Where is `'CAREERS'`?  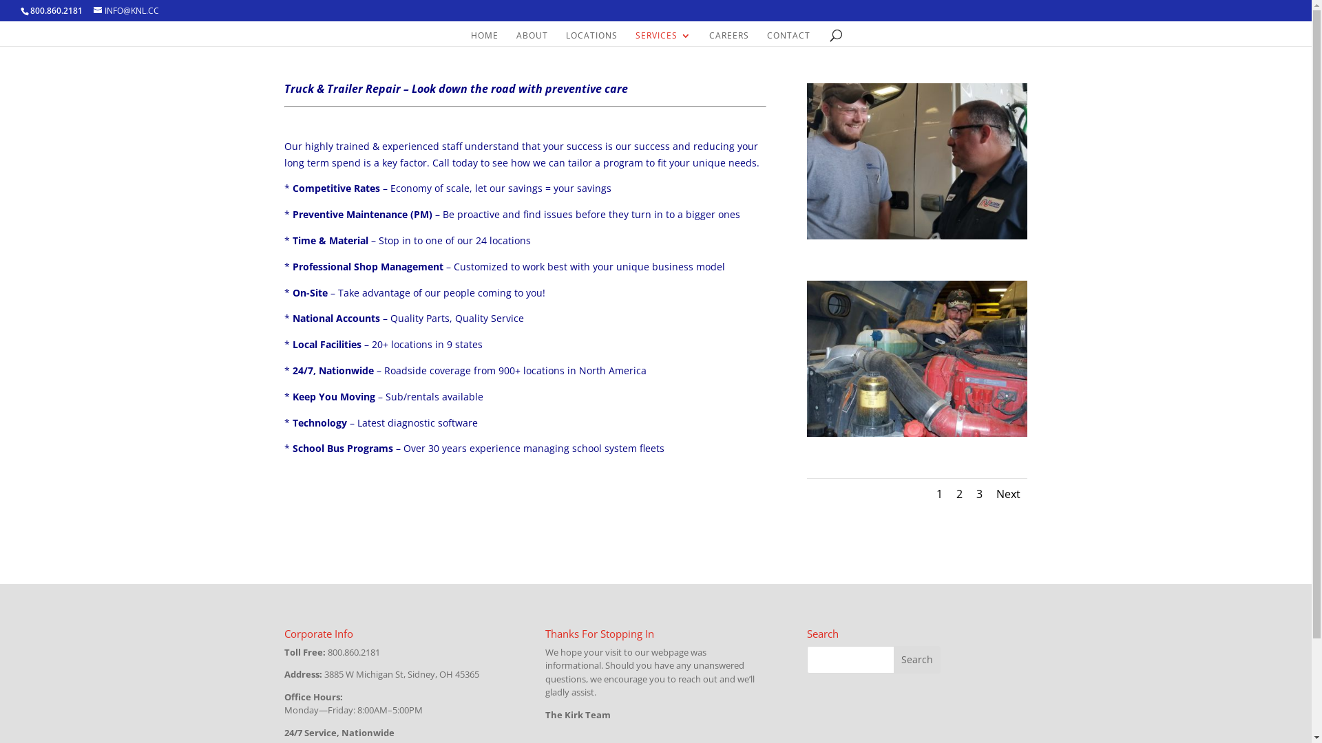 'CAREERS' is located at coordinates (728, 38).